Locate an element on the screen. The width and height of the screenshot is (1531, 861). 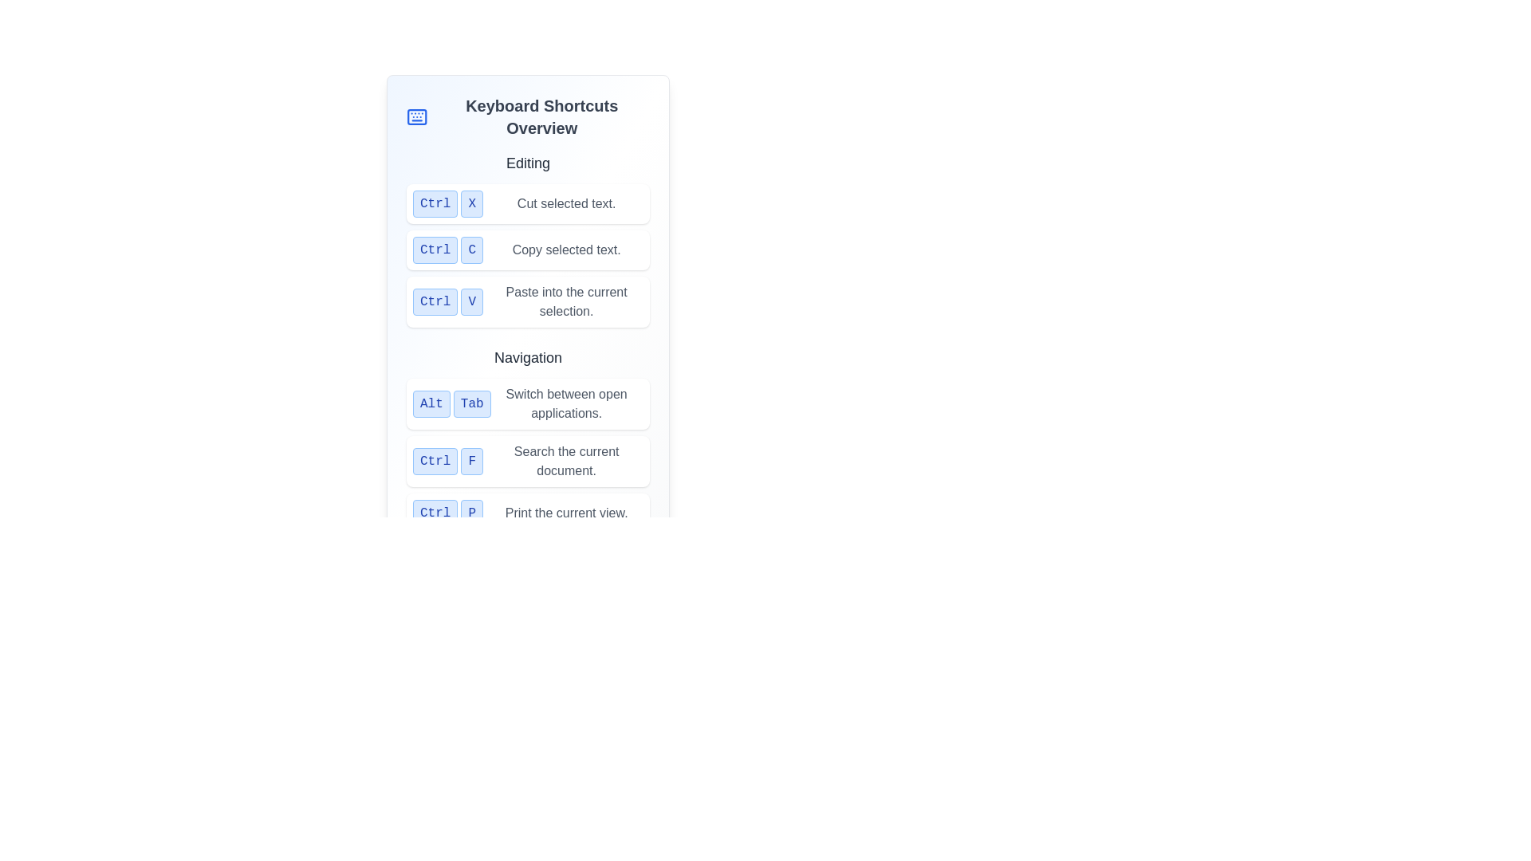
the informational Text Label that describes the functionality of the 'Cut selected text.' shortcut 'Ctrl+X', located under the 'Editing' header is located at coordinates (566, 202).